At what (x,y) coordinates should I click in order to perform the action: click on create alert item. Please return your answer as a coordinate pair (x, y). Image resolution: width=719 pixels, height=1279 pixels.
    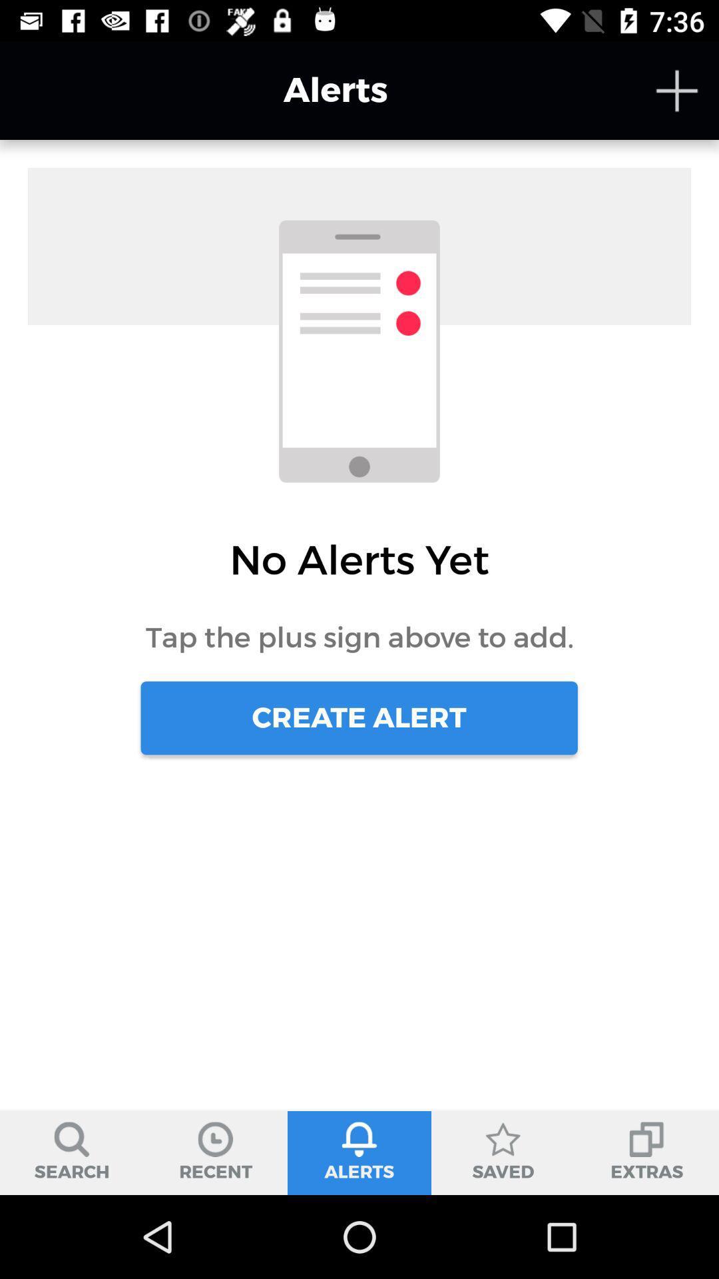
    Looking at the image, I should click on (358, 717).